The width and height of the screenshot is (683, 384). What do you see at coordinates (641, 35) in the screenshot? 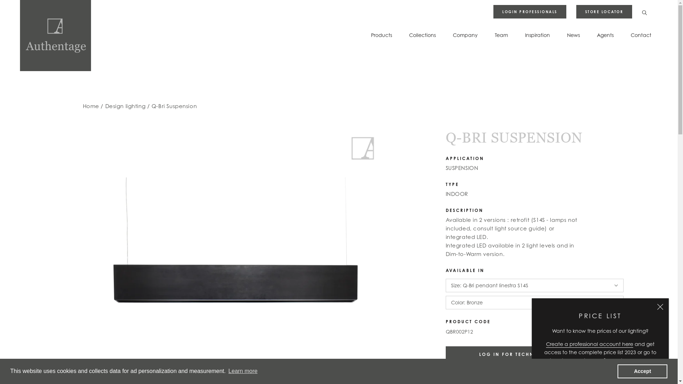
I see `'Contact` at bounding box center [641, 35].